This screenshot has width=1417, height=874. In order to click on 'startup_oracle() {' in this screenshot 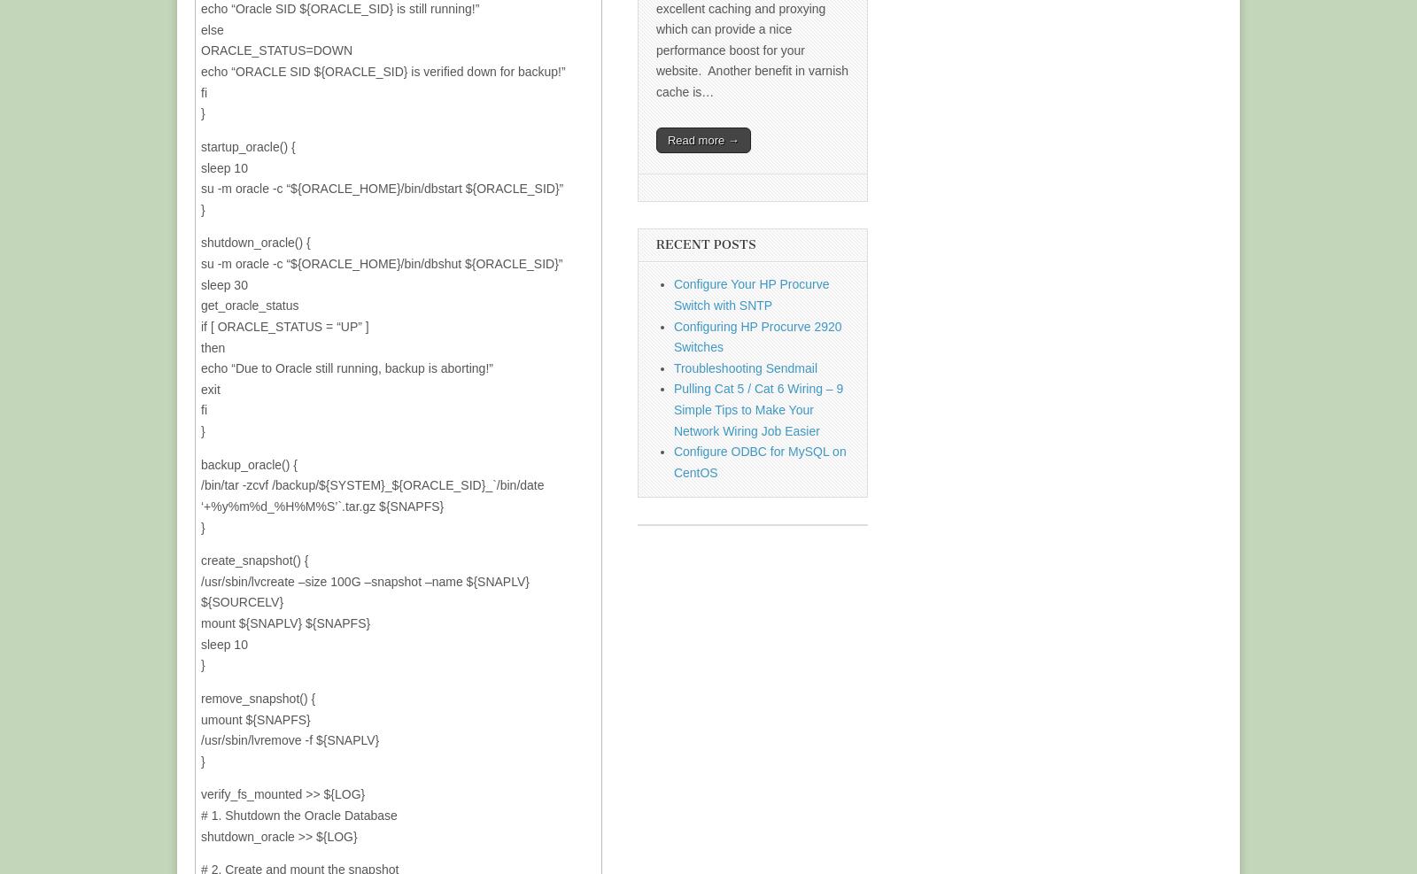, I will do `click(201, 145)`.